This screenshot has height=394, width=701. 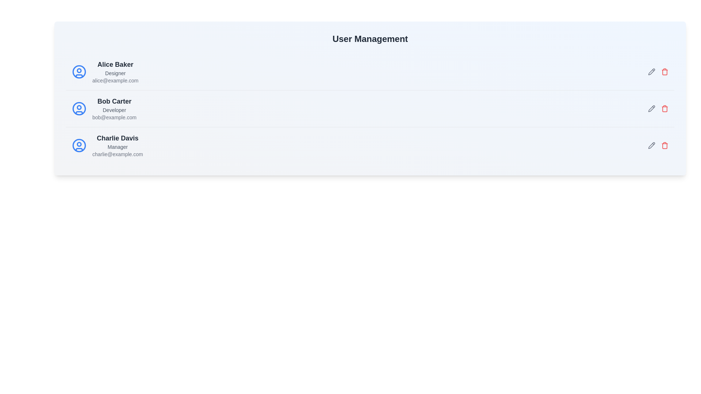 What do you see at coordinates (79, 108) in the screenshot?
I see `the user icon for Bob Carter` at bounding box center [79, 108].